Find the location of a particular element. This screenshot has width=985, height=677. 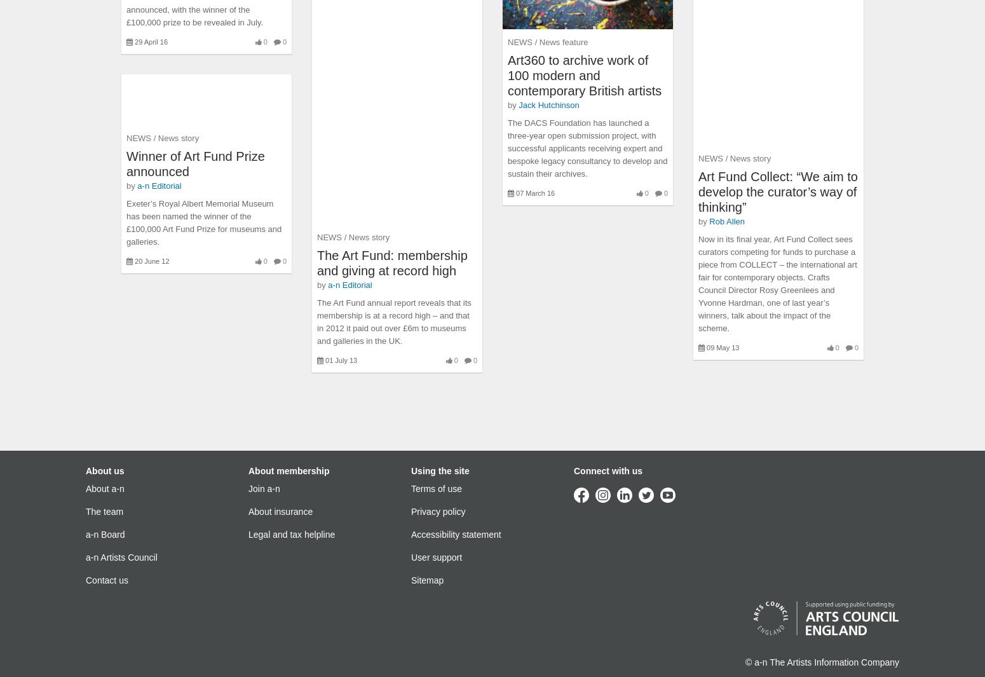

'About insurance' is located at coordinates (280, 512).